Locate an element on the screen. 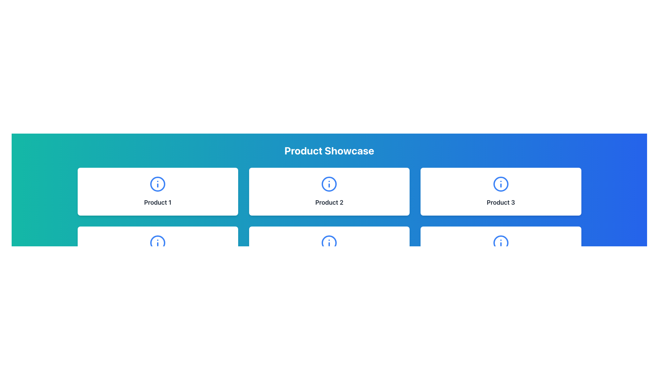 The image size is (657, 369). the Display Card that features a blue circular information icon and the text 'Product 3' in bold gray font, located in the first row of a three-column grid layout is located at coordinates (501, 191).